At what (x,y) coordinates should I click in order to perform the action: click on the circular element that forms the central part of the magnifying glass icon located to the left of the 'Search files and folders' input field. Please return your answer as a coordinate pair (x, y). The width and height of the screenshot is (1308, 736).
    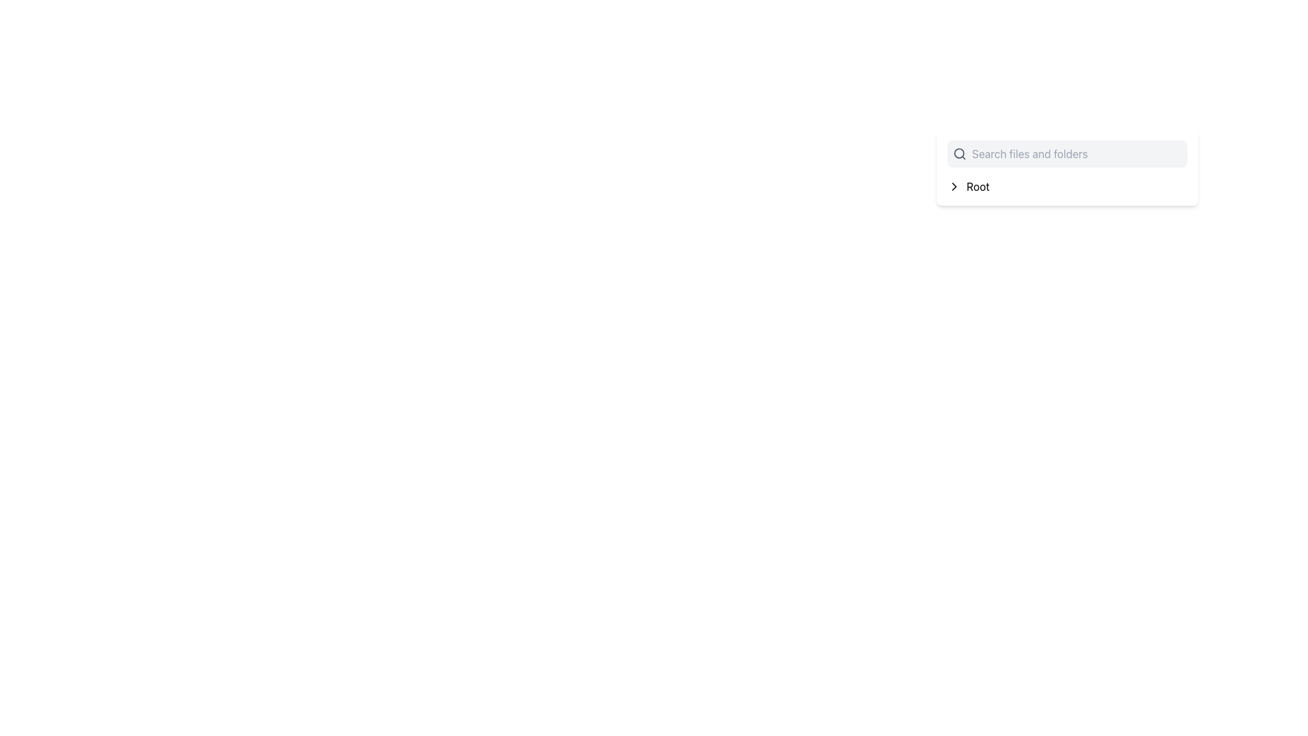
    Looking at the image, I should click on (959, 153).